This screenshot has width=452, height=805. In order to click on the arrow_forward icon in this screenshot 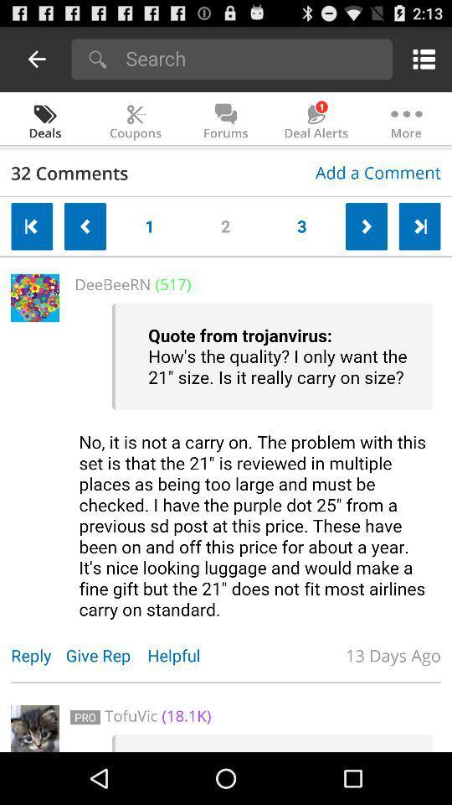, I will do `click(366, 241)`.